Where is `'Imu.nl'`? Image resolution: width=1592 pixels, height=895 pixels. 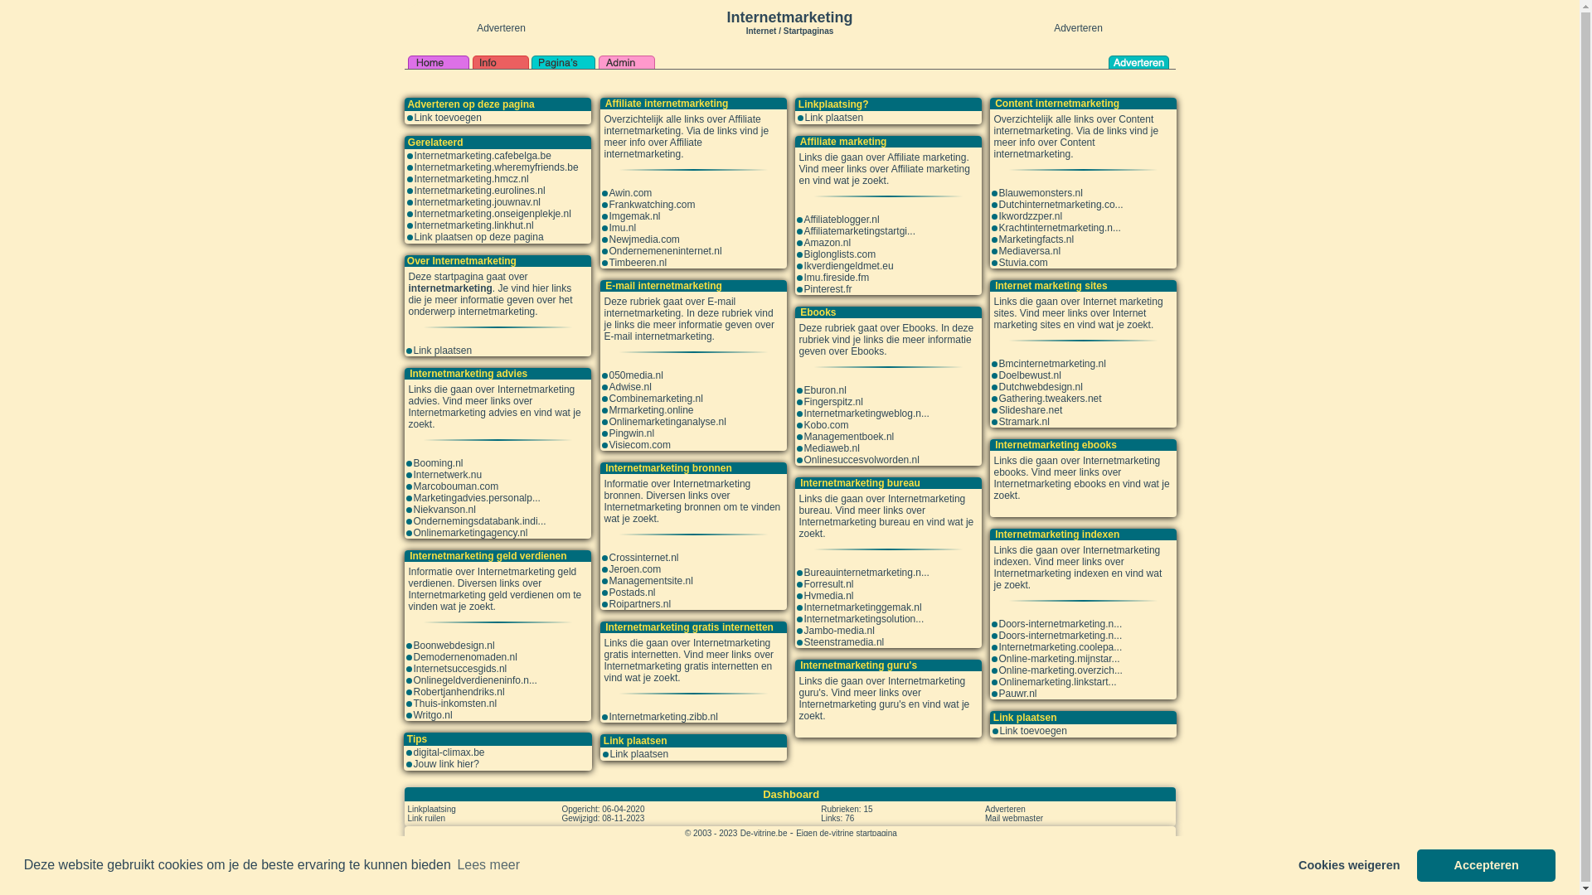
'Imu.nl' is located at coordinates (621, 227).